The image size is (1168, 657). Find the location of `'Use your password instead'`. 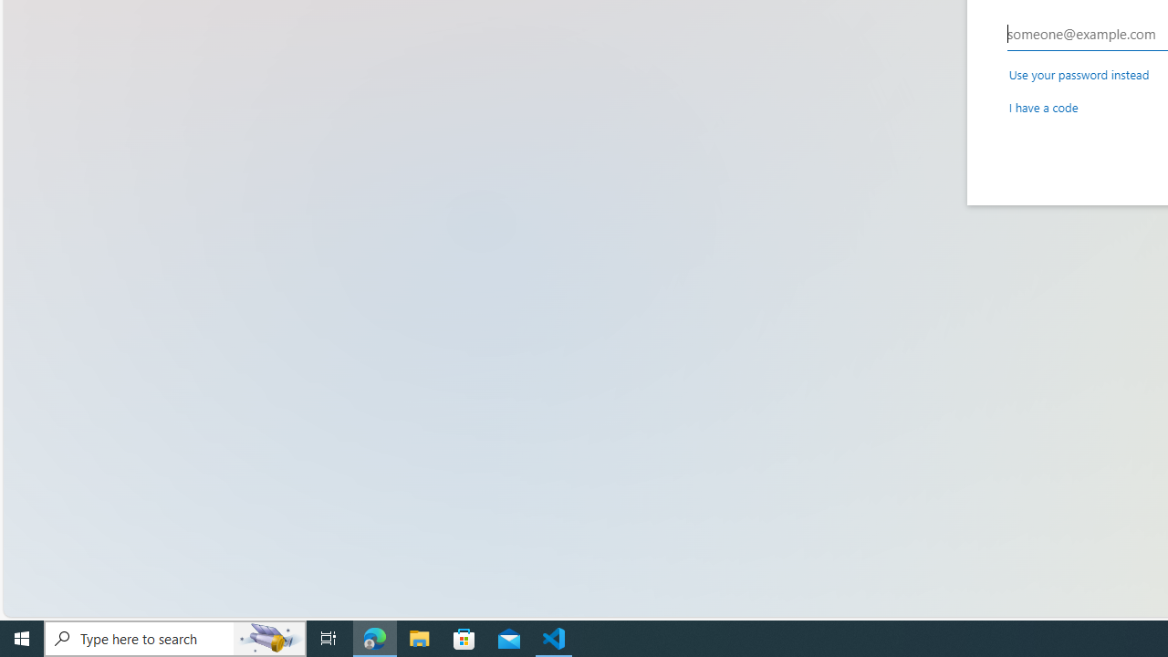

'Use your password instead' is located at coordinates (1079, 73).